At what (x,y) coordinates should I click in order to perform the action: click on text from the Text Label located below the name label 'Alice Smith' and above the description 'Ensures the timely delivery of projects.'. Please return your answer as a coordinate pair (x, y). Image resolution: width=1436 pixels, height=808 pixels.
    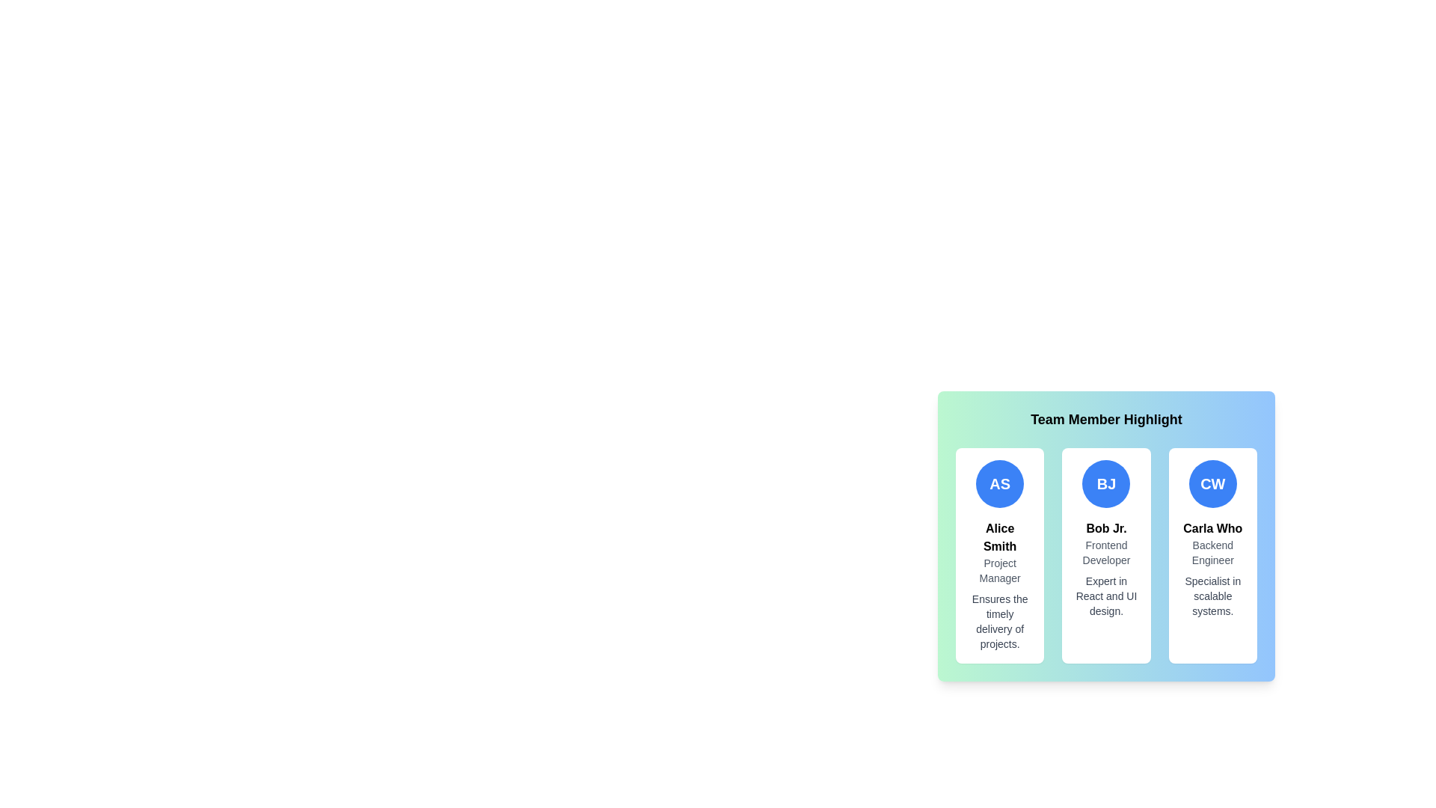
    Looking at the image, I should click on (1000, 571).